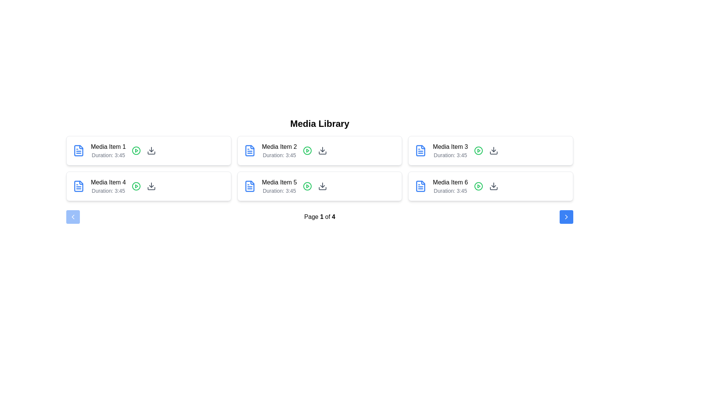  I want to click on the text block displaying the title and duration of the media item located in the second row, second column of the media item grid, so click(279, 186).